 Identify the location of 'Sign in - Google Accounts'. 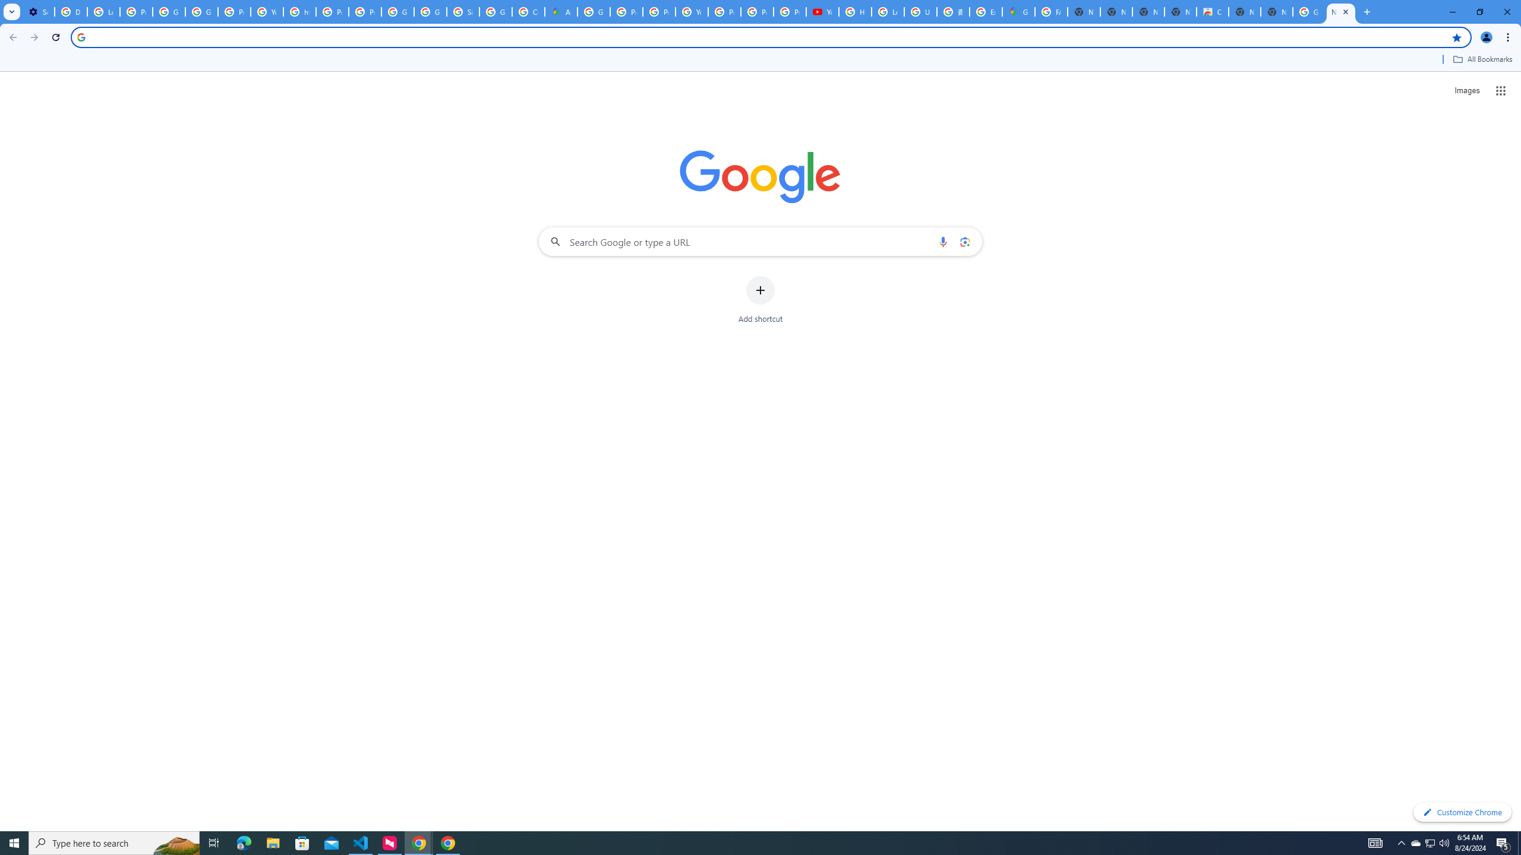
(462, 11).